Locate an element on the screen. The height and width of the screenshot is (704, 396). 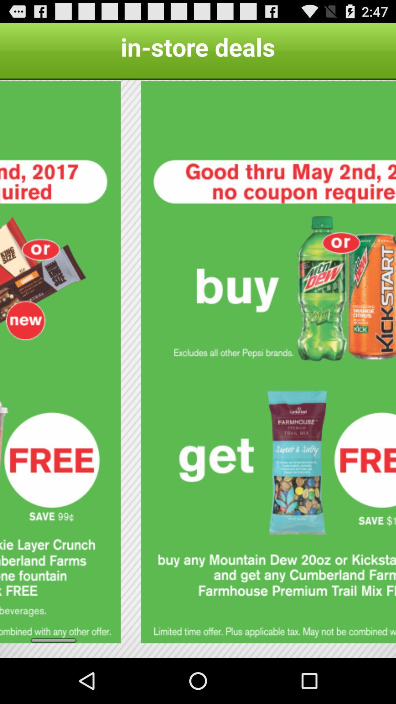
the icon below the in-store deals app is located at coordinates (60, 362).